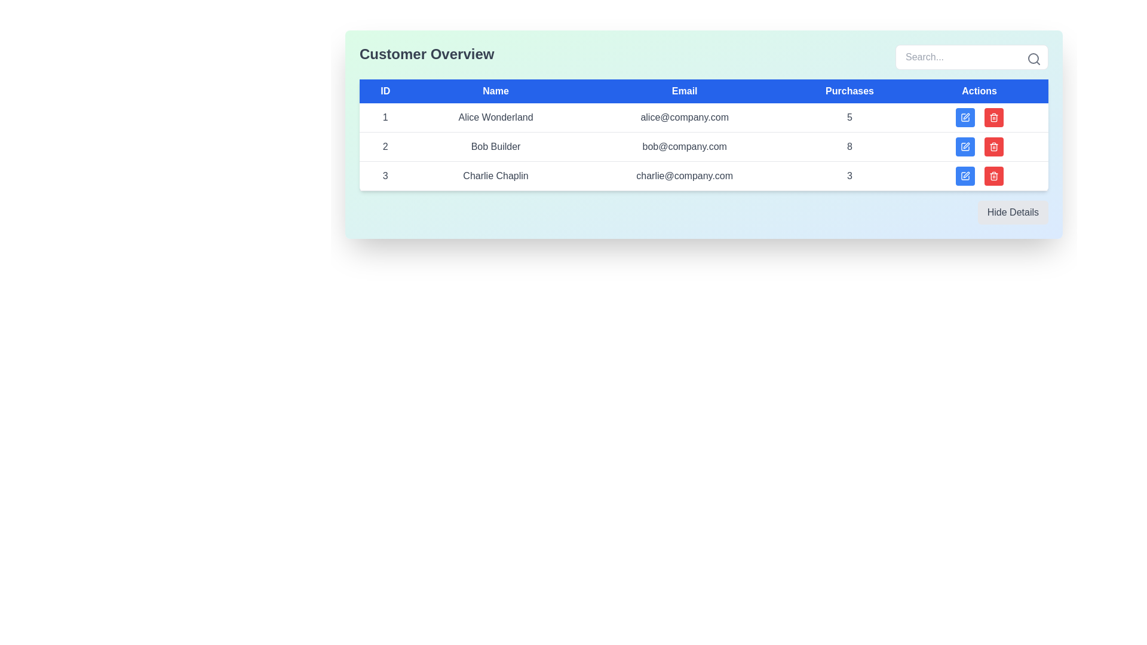 This screenshot has height=645, width=1147. Describe the element at coordinates (965, 176) in the screenshot. I see `the 'Edit' button located in the last row of the table under the 'Actions' column to experience the hover effect` at that location.